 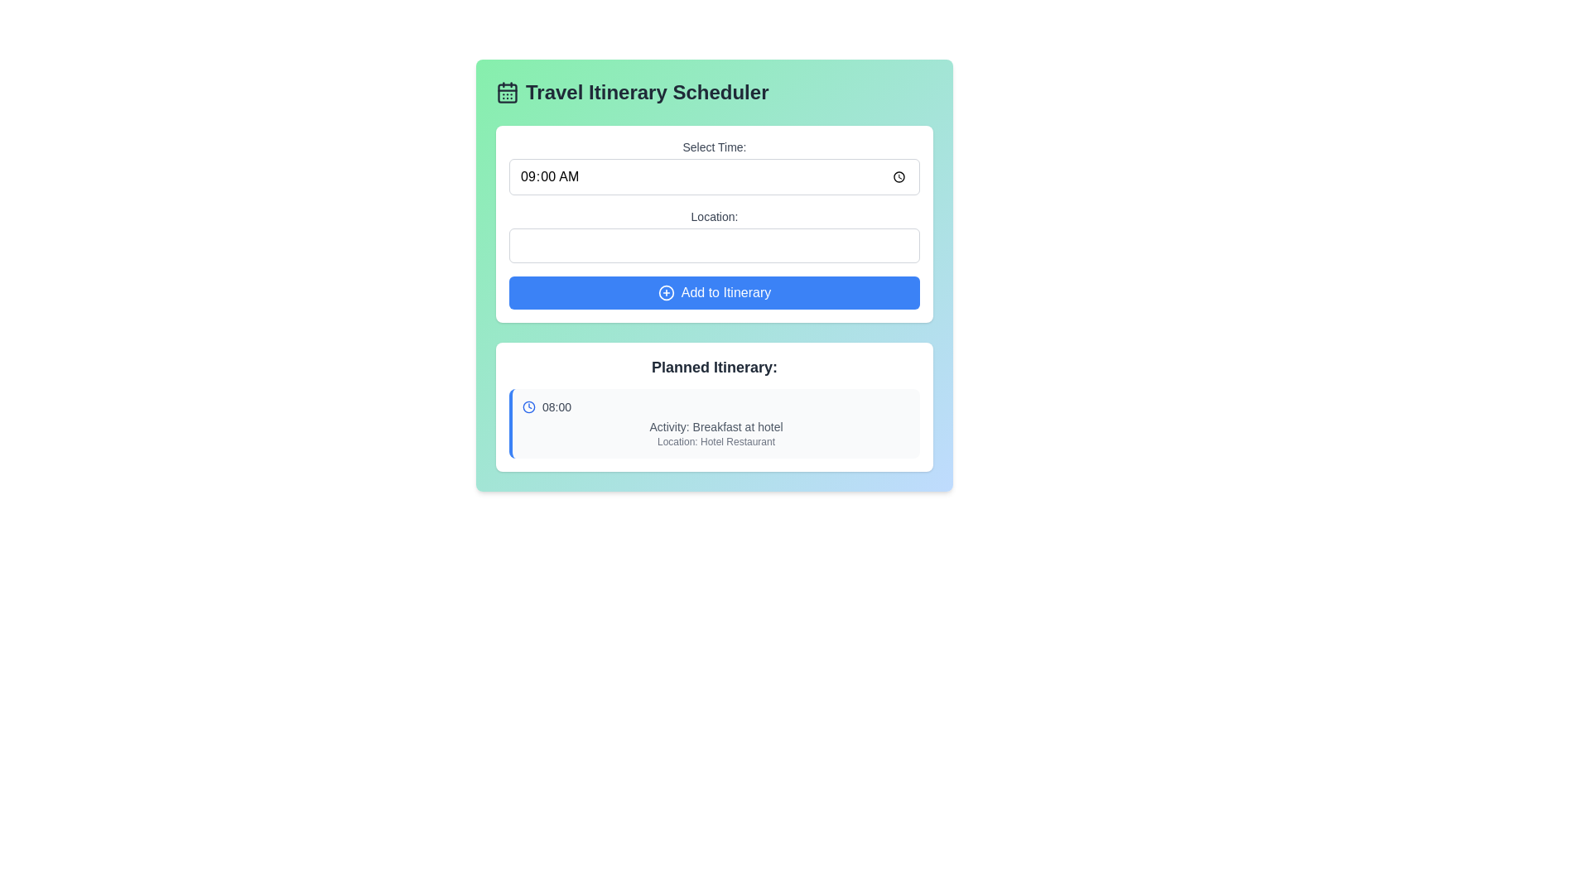 I want to click on the Time input field, so click(x=715, y=176).